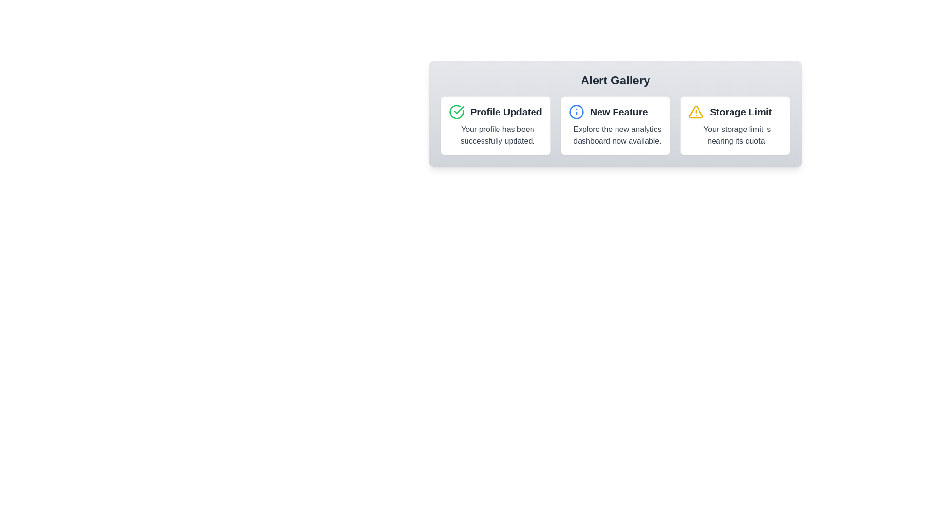  What do you see at coordinates (458, 110) in the screenshot?
I see `the decorative icon in the 'Profile Updated' card in the Alert Gallery section to signify a successful profile update` at bounding box center [458, 110].